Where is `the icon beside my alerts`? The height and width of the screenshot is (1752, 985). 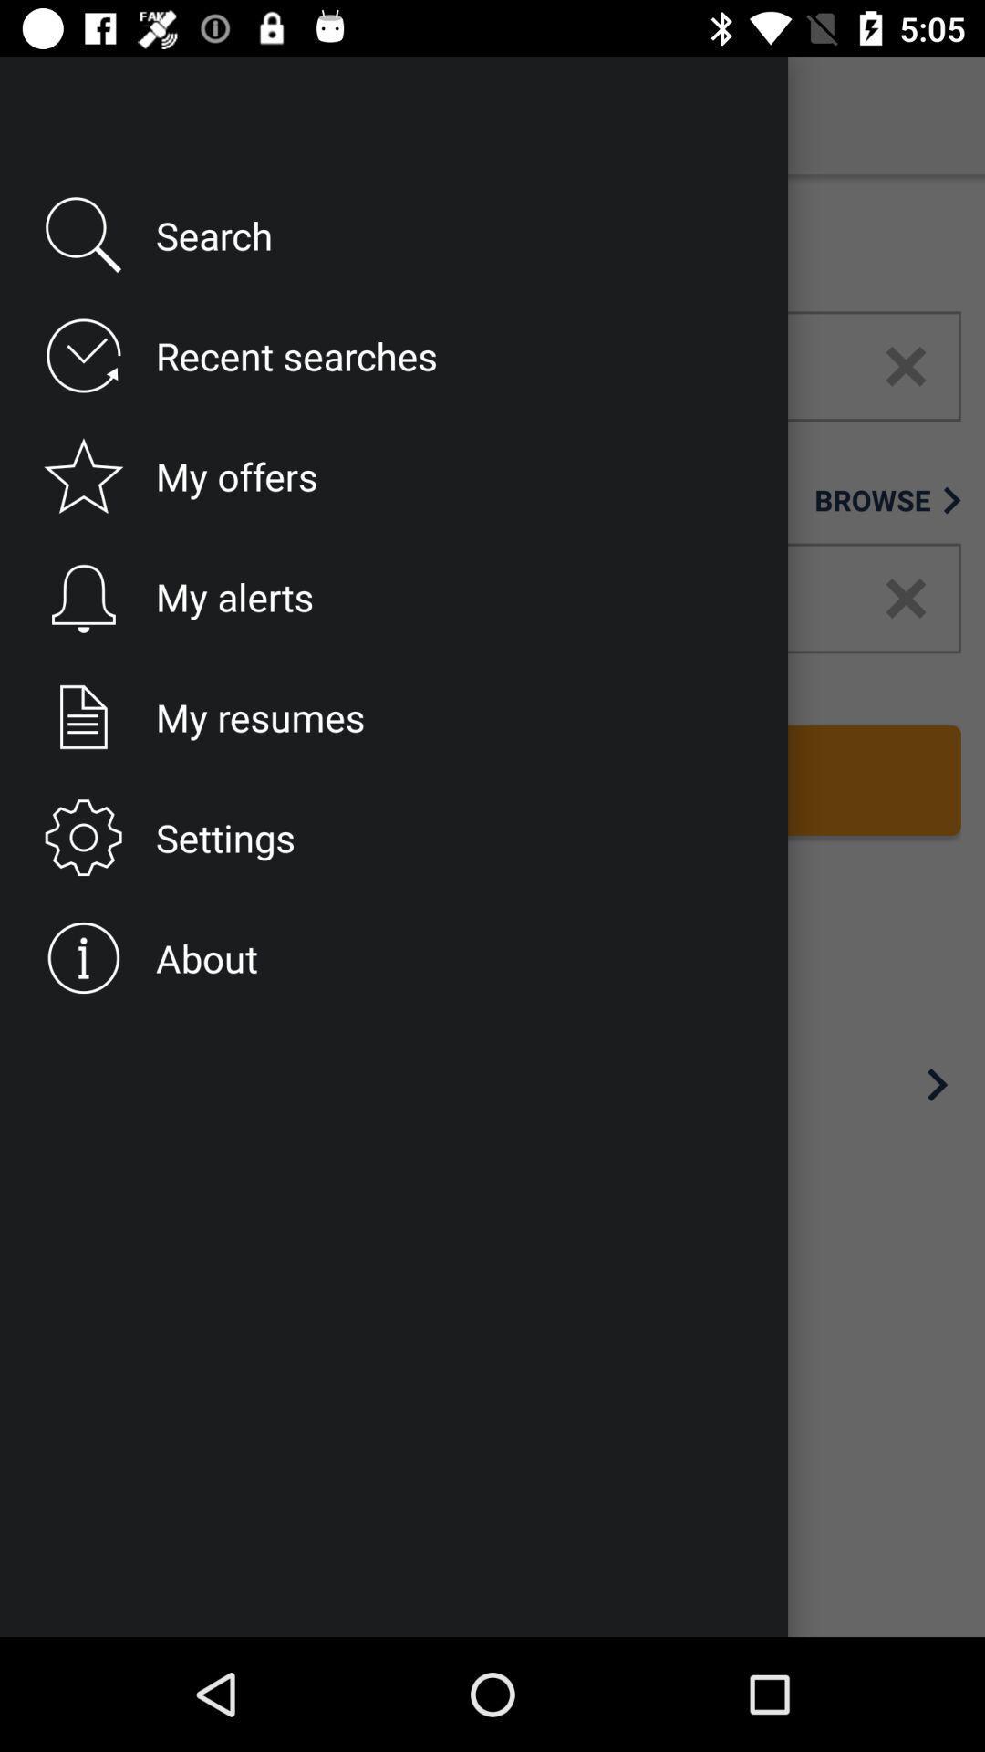
the icon beside my alerts is located at coordinates (78, 599).